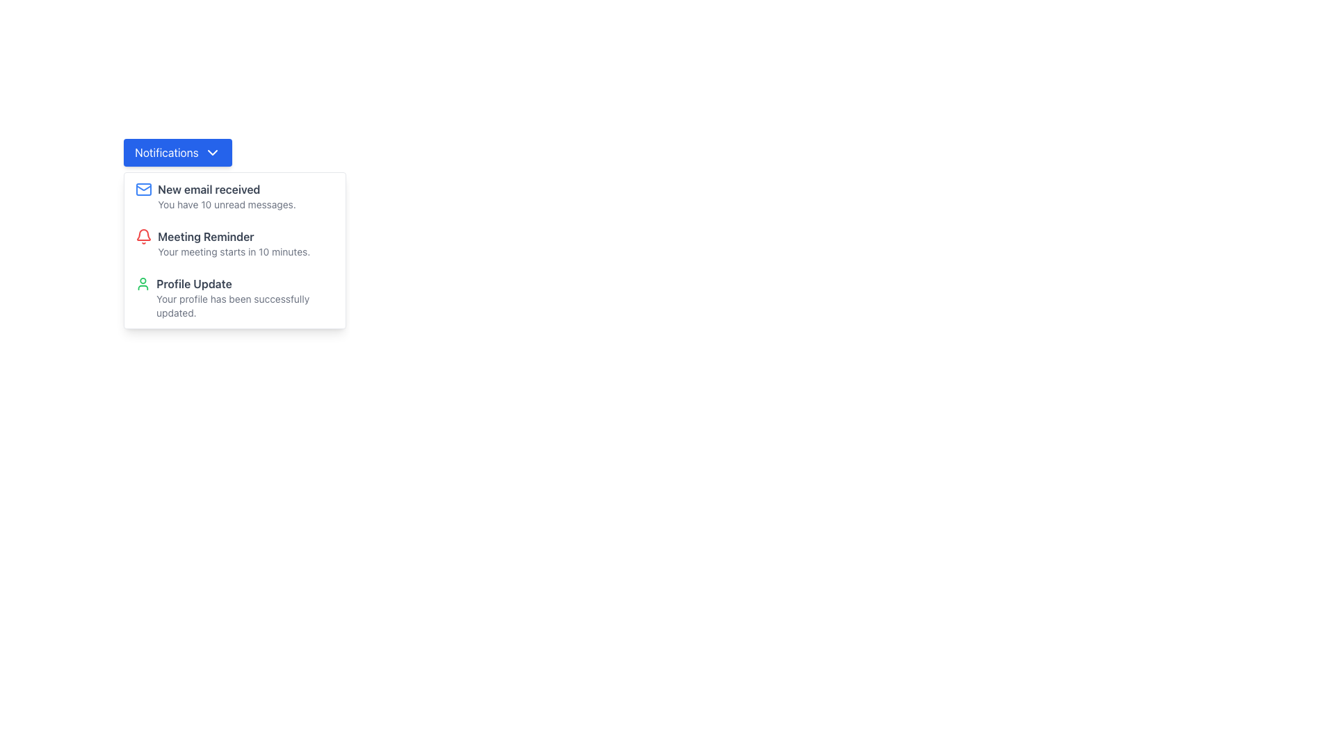 The width and height of the screenshot is (1335, 750). I want to click on the second notification in the dropdown panel titled 'Meeting Reminder', so click(234, 243).